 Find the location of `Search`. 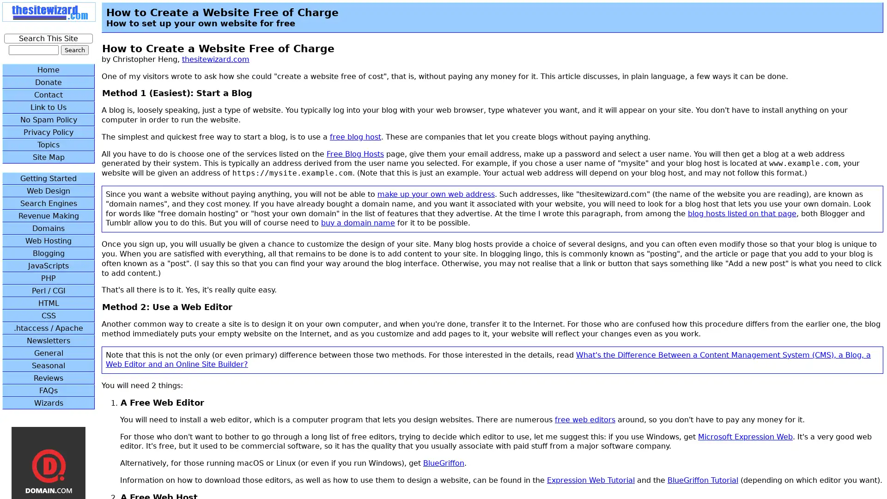

Search is located at coordinates (74, 50).